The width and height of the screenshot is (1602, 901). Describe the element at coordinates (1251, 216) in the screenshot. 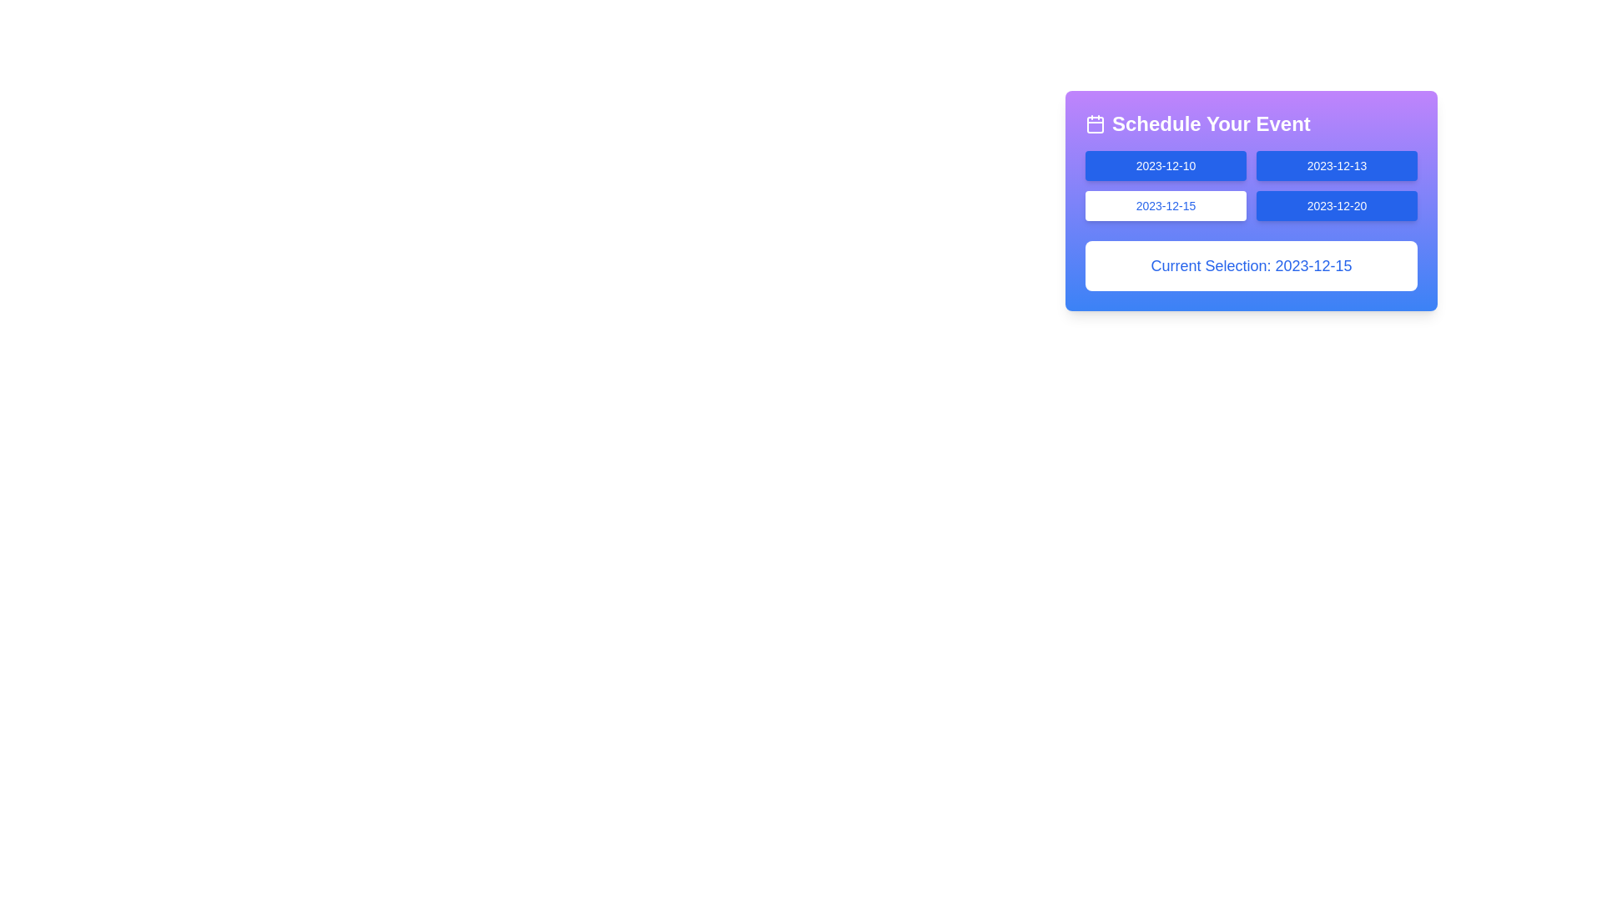

I see `the button` at that location.